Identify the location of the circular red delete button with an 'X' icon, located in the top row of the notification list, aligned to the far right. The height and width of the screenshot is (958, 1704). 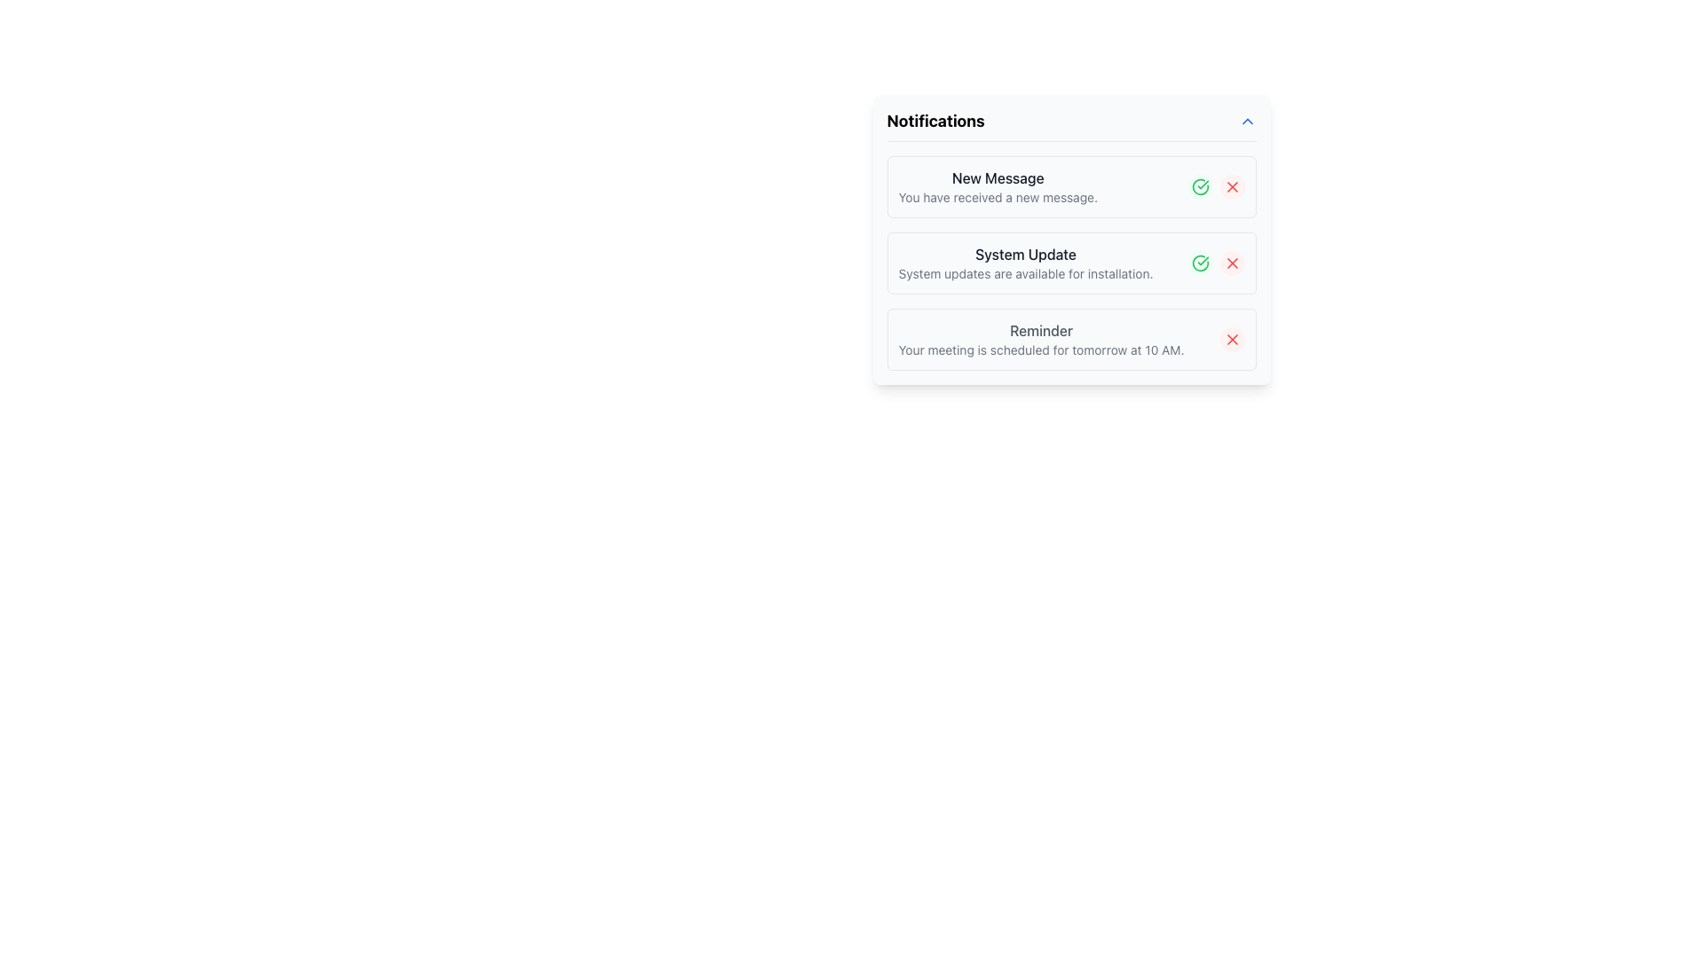
(1231, 187).